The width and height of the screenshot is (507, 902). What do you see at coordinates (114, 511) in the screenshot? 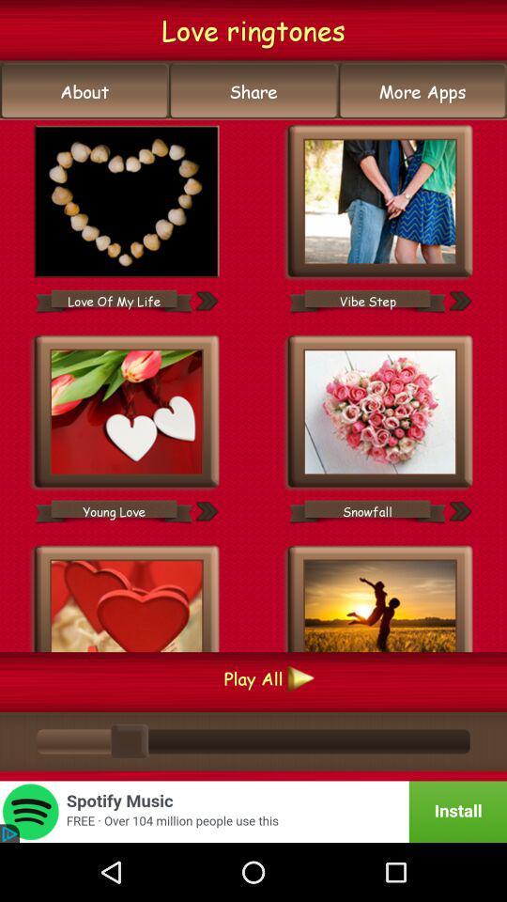
I see `young love item` at bounding box center [114, 511].